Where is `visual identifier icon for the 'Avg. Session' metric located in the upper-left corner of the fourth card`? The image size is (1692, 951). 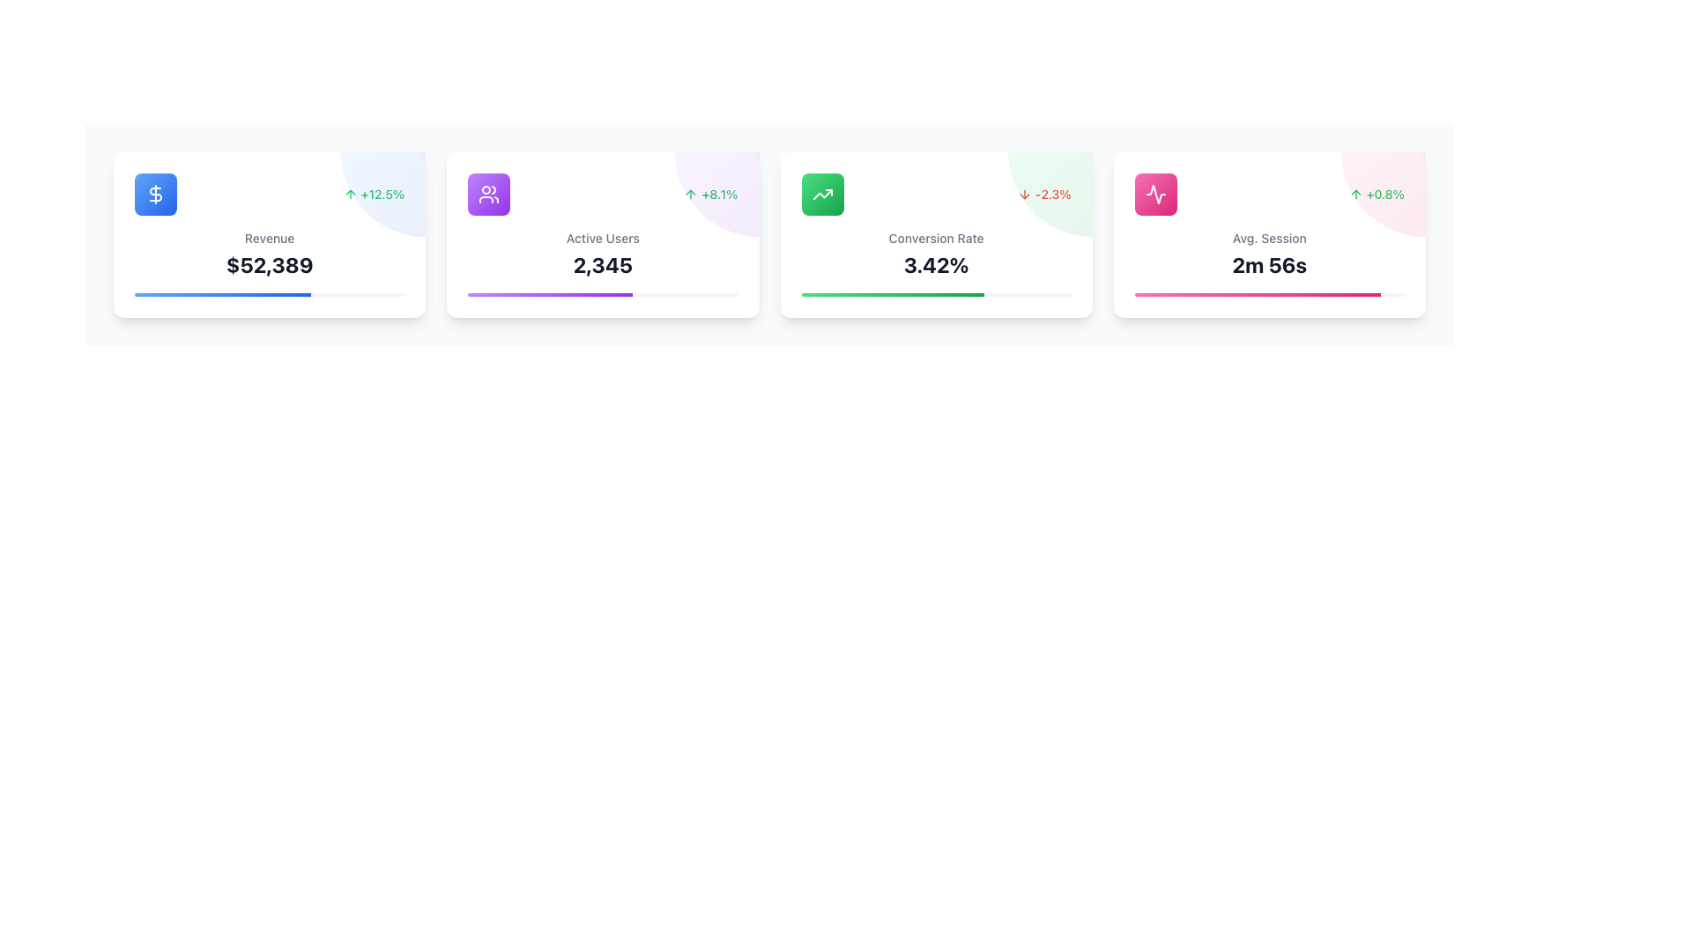 visual identifier icon for the 'Avg. Session' metric located in the upper-left corner of the fourth card is located at coordinates (1155, 194).